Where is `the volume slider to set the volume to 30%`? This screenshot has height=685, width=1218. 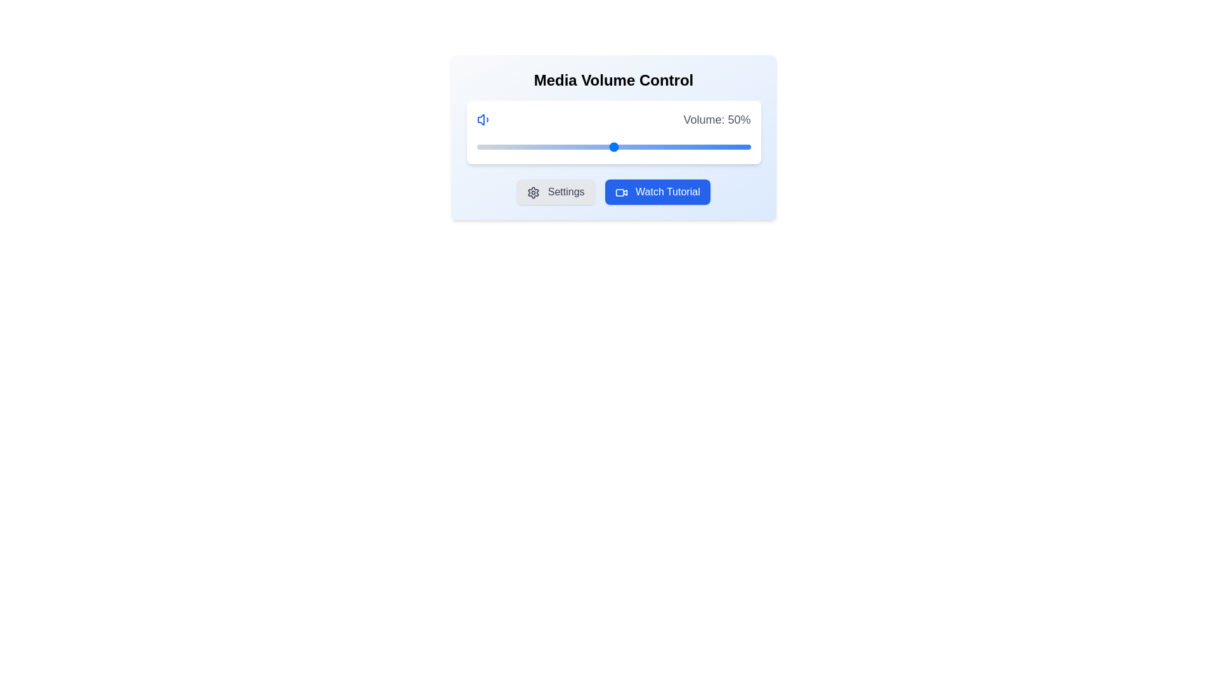 the volume slider to set the volume to 30% is located at coordinates (558, 146).